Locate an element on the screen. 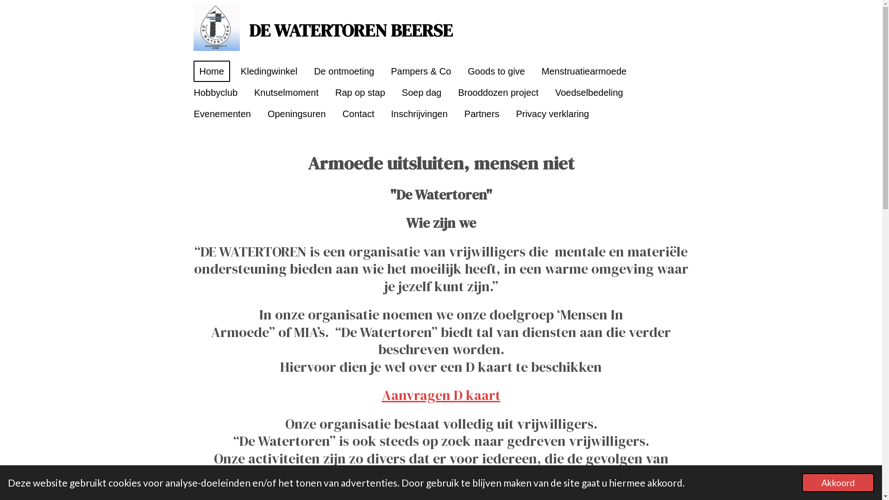 Image resolution: width=889 pixels, height=500 pixels. 'De ontmoeting' is located at coordinates (308, 71).